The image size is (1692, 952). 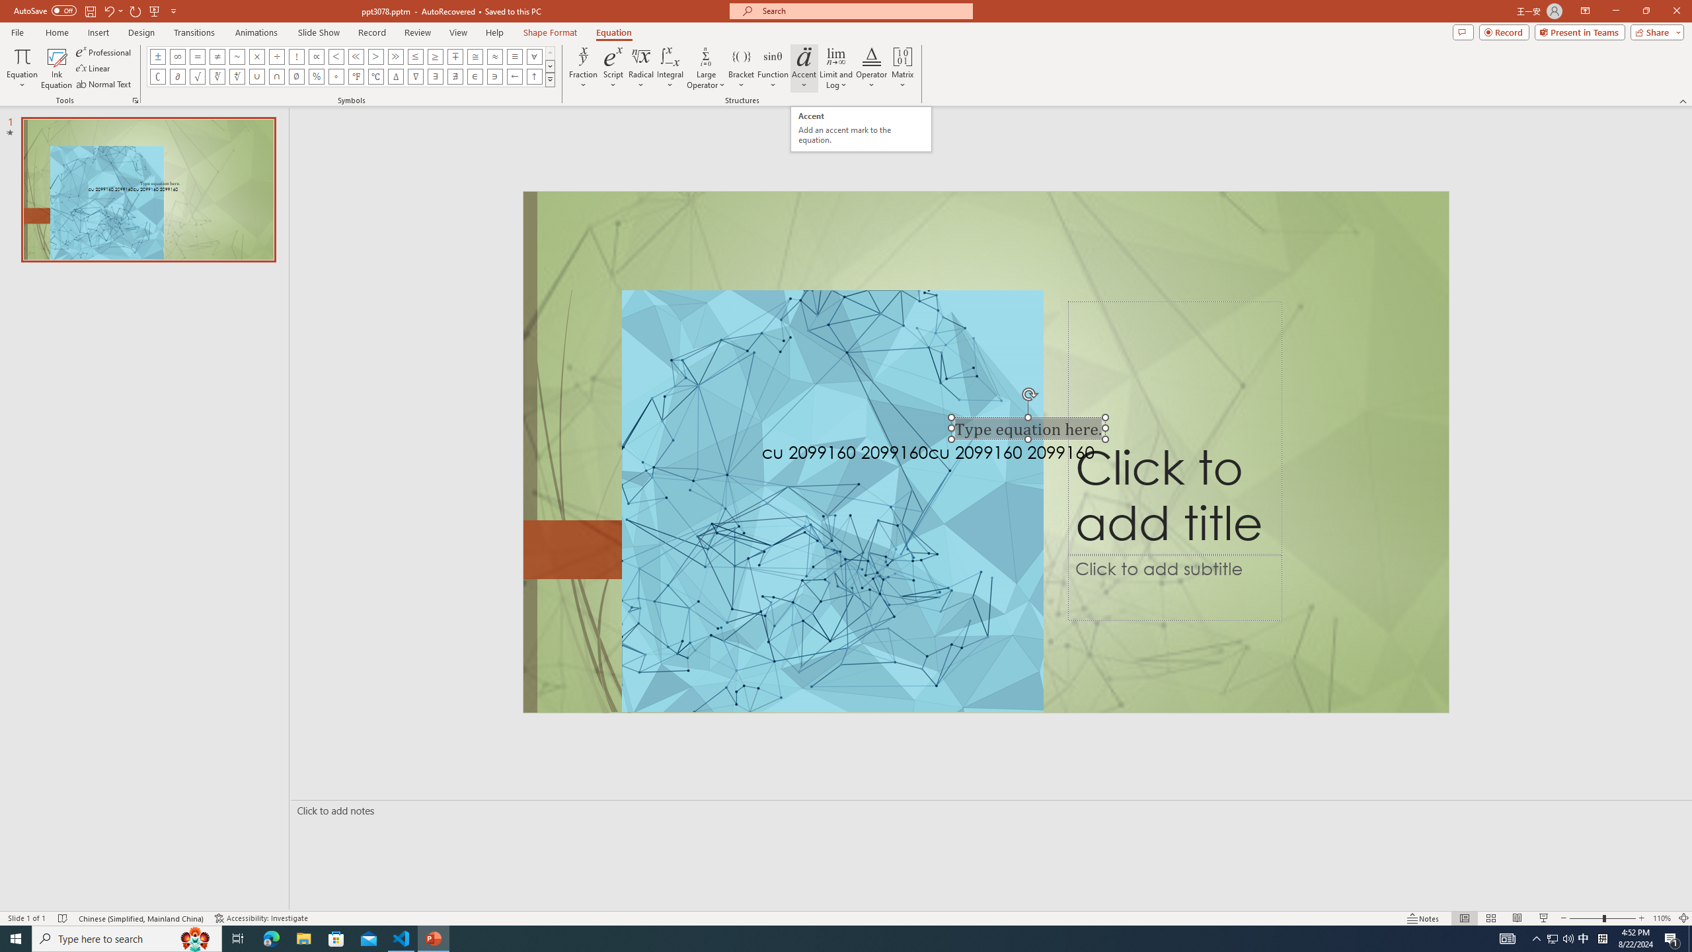 I want to click on 'Equation Symbol Percentage', so click(x=315, y=75).